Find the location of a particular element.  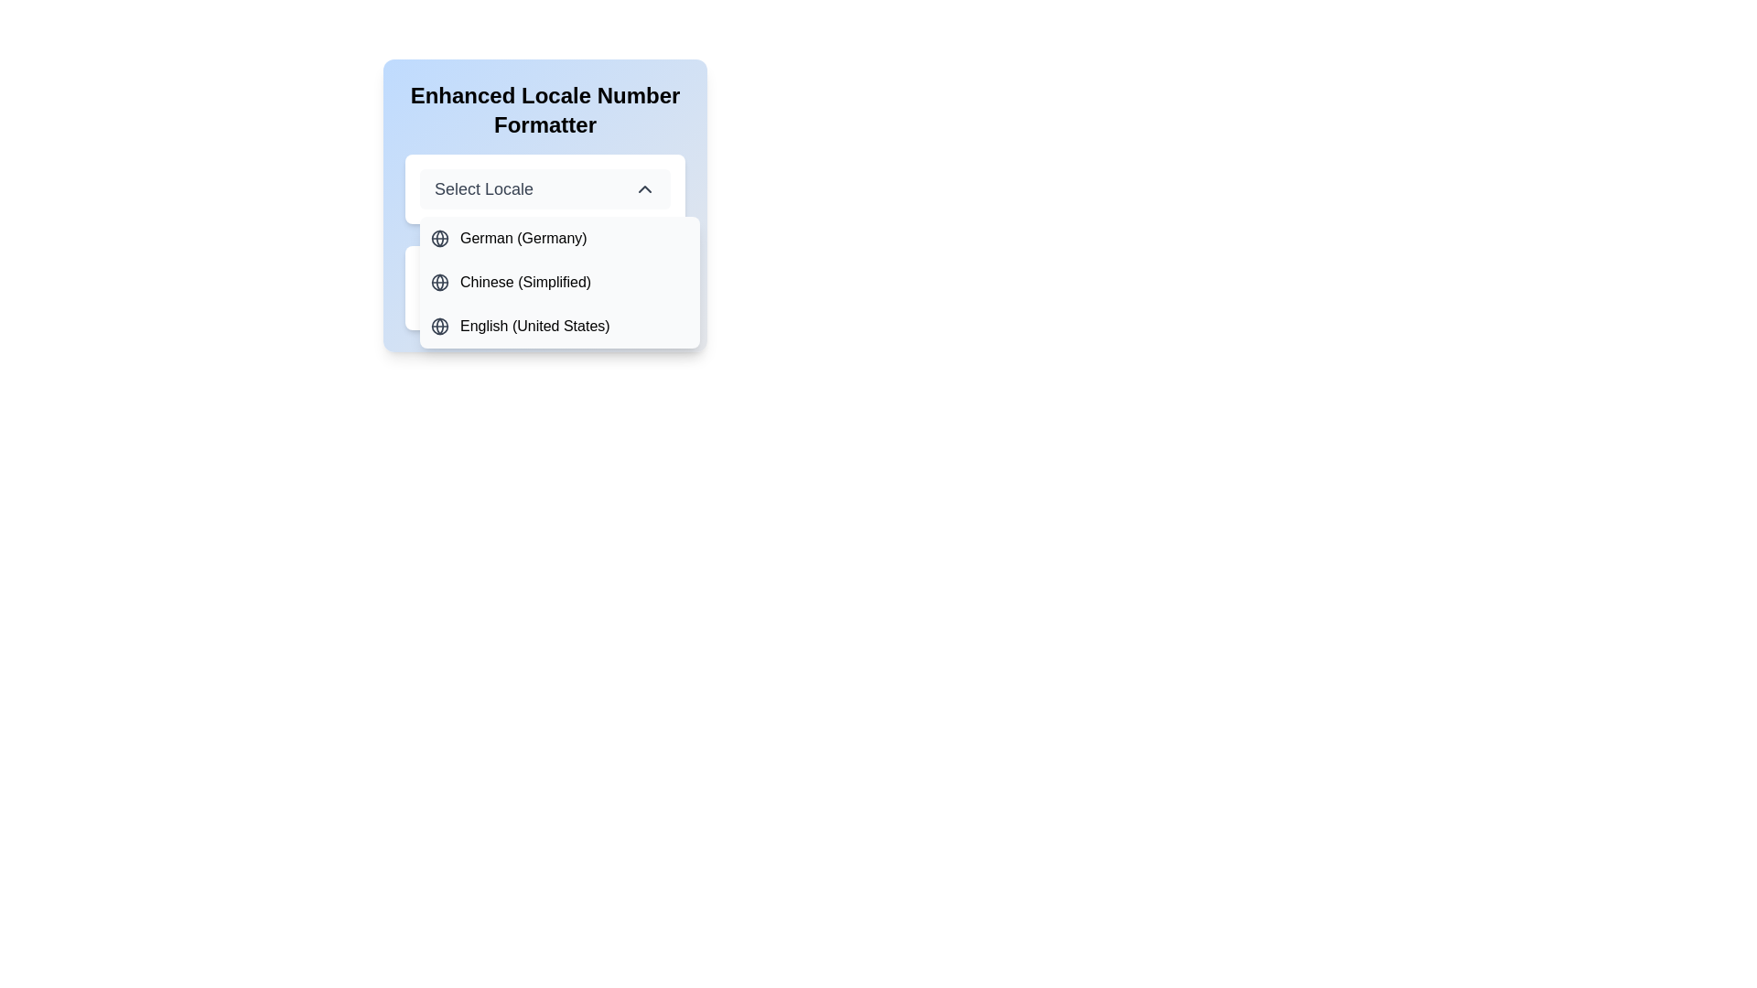

the globe icon with a stroke color matching text-gray-700, which is located to the left of the text 'German (Germany)' in the dropdown options is located at coordinates (439, 238).